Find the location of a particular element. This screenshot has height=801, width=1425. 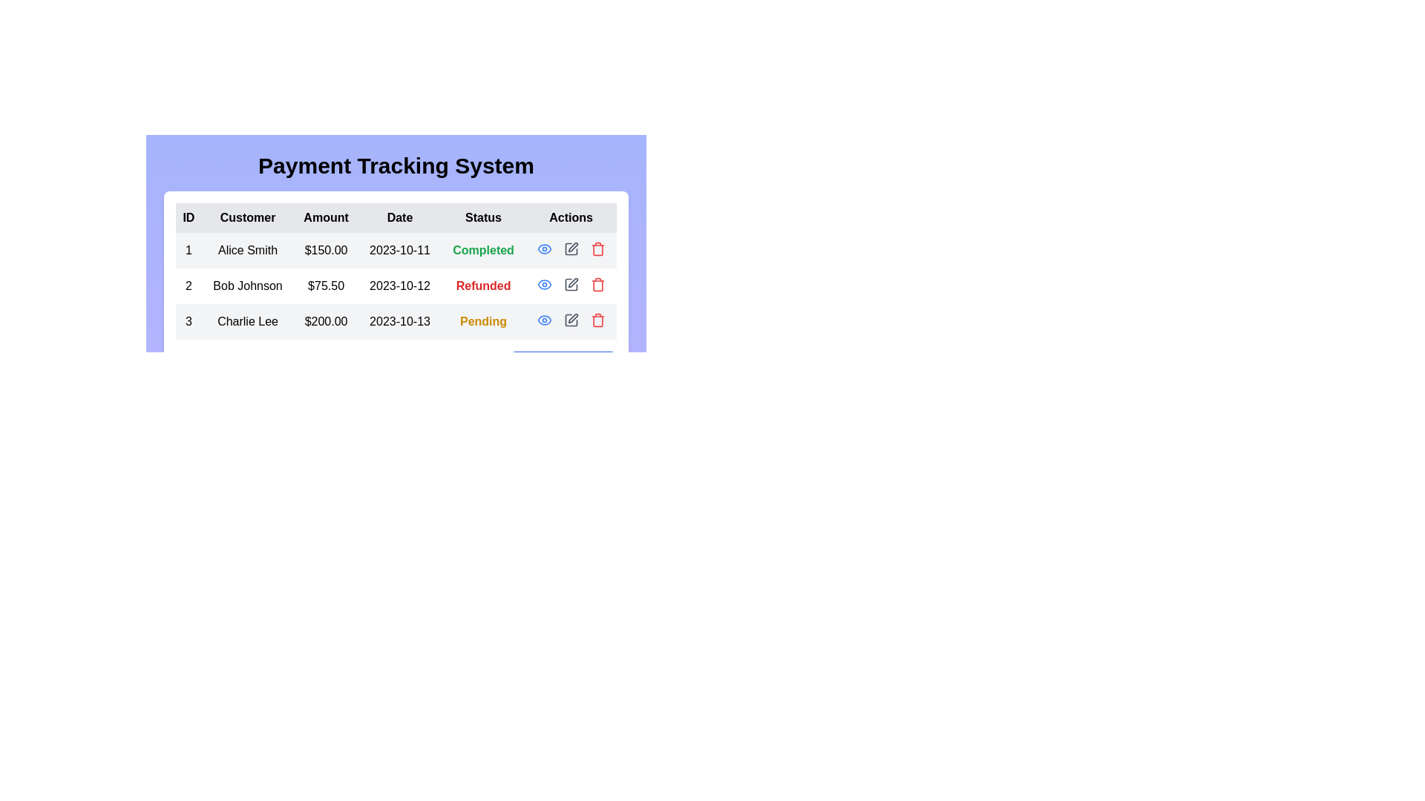

the red trash bin icon in the 'Actions' column corresponding to 'Charlie Lee' is located at coordinates (597, 248).